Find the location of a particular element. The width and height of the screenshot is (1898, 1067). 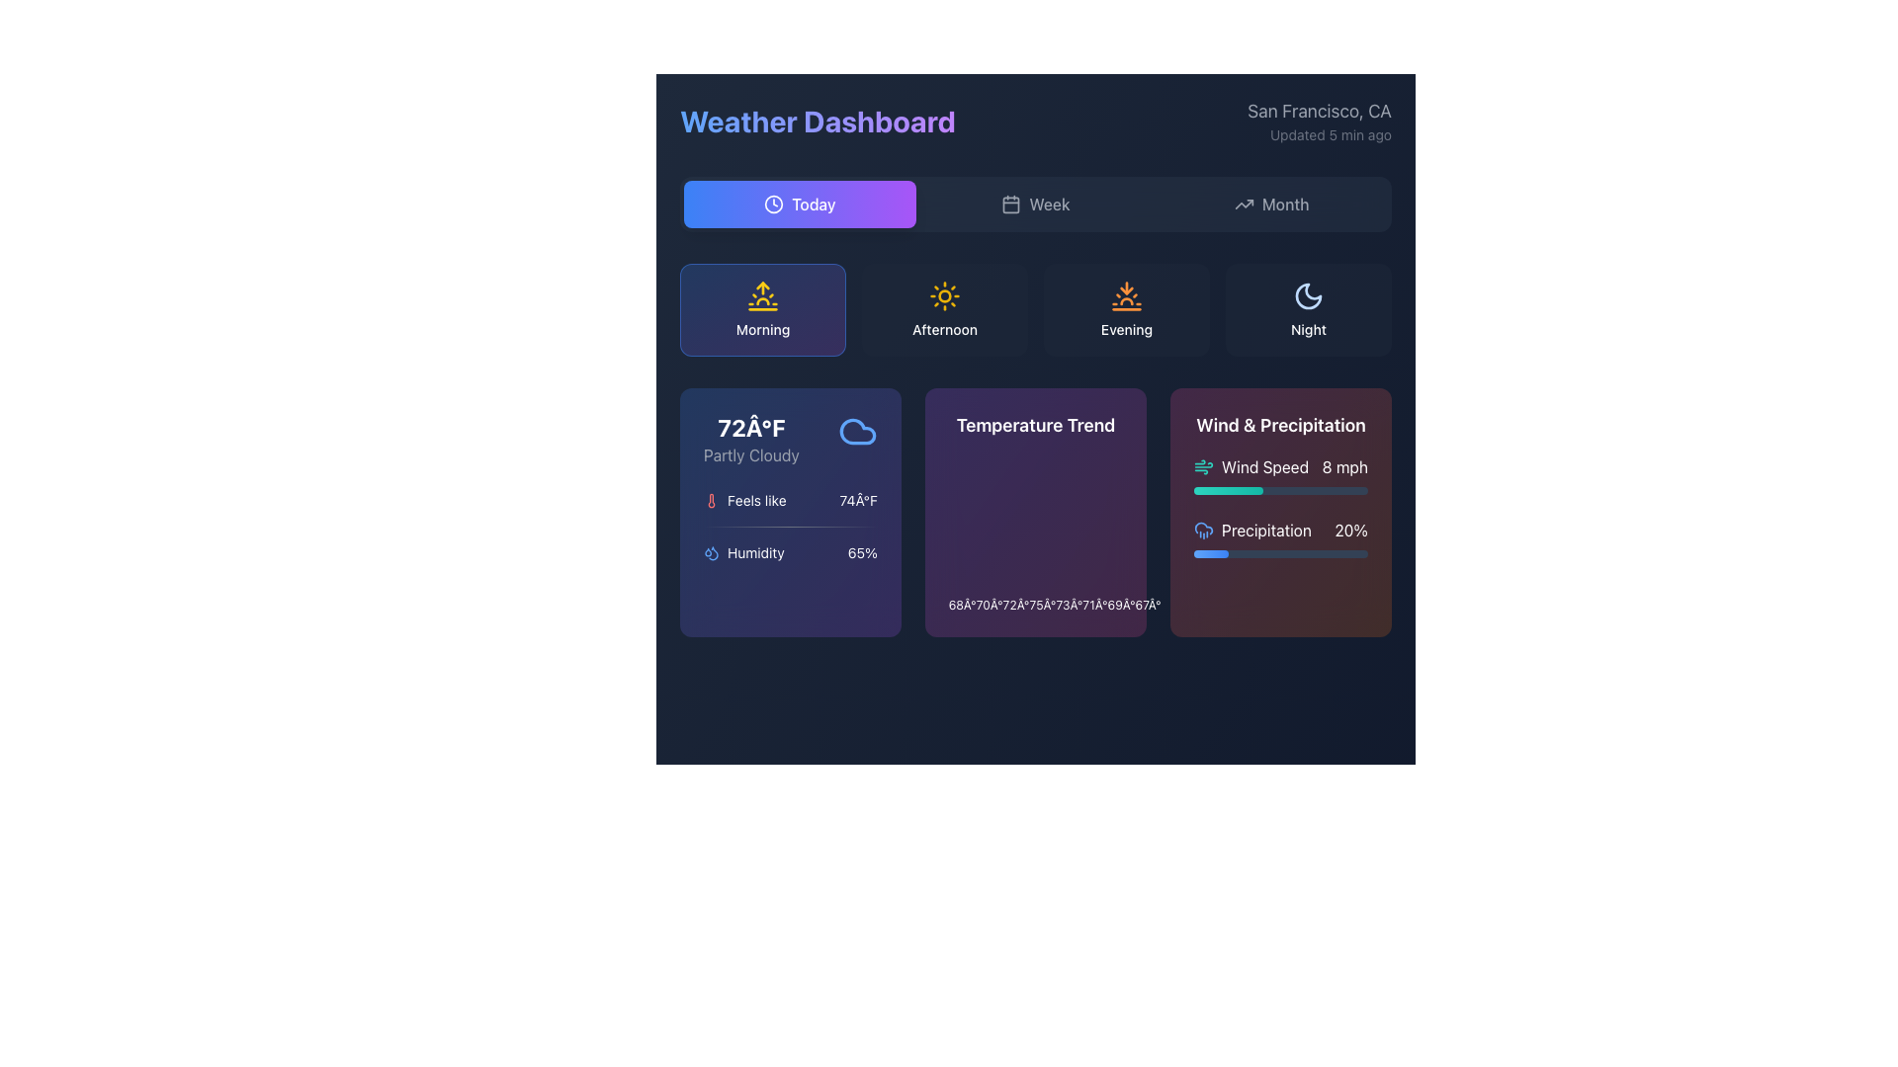

precipitation level is located at coordinates (1354, 490).